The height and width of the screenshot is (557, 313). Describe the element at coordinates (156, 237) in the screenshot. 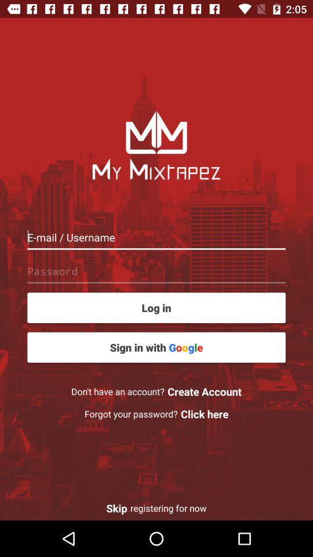

I see `email` at that location.